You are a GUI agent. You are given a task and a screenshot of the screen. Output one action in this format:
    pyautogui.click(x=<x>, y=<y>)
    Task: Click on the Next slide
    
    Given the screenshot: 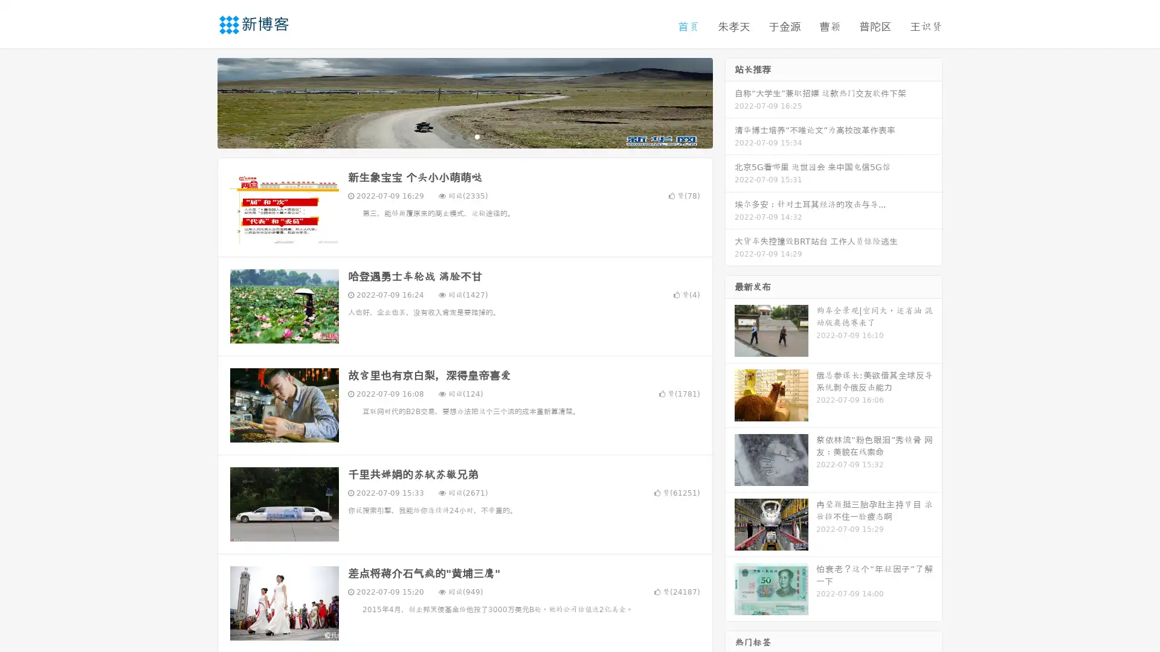 What is the action you would take?
    pyautogui.click(x=730, y=101)
    